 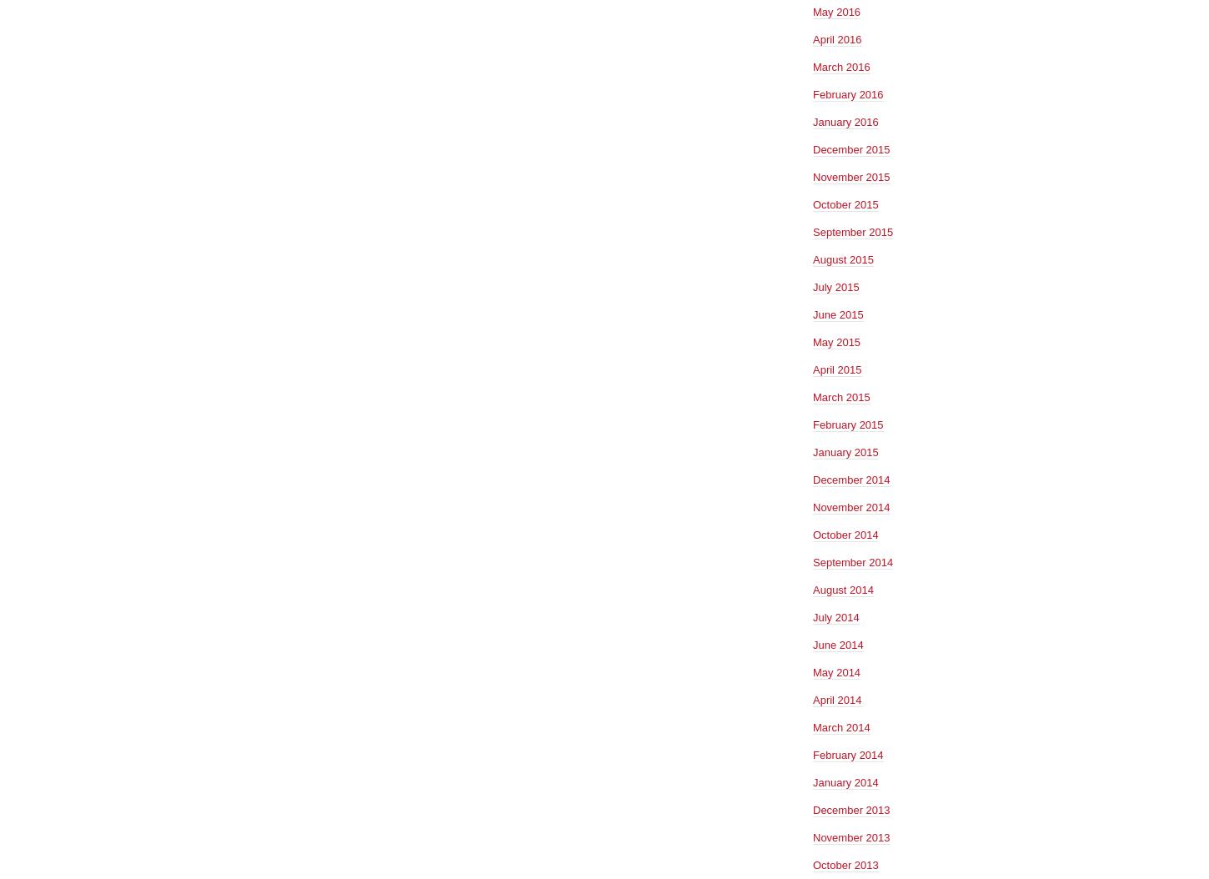 I want to click on 'May 2014', so click(x=836, y=671).